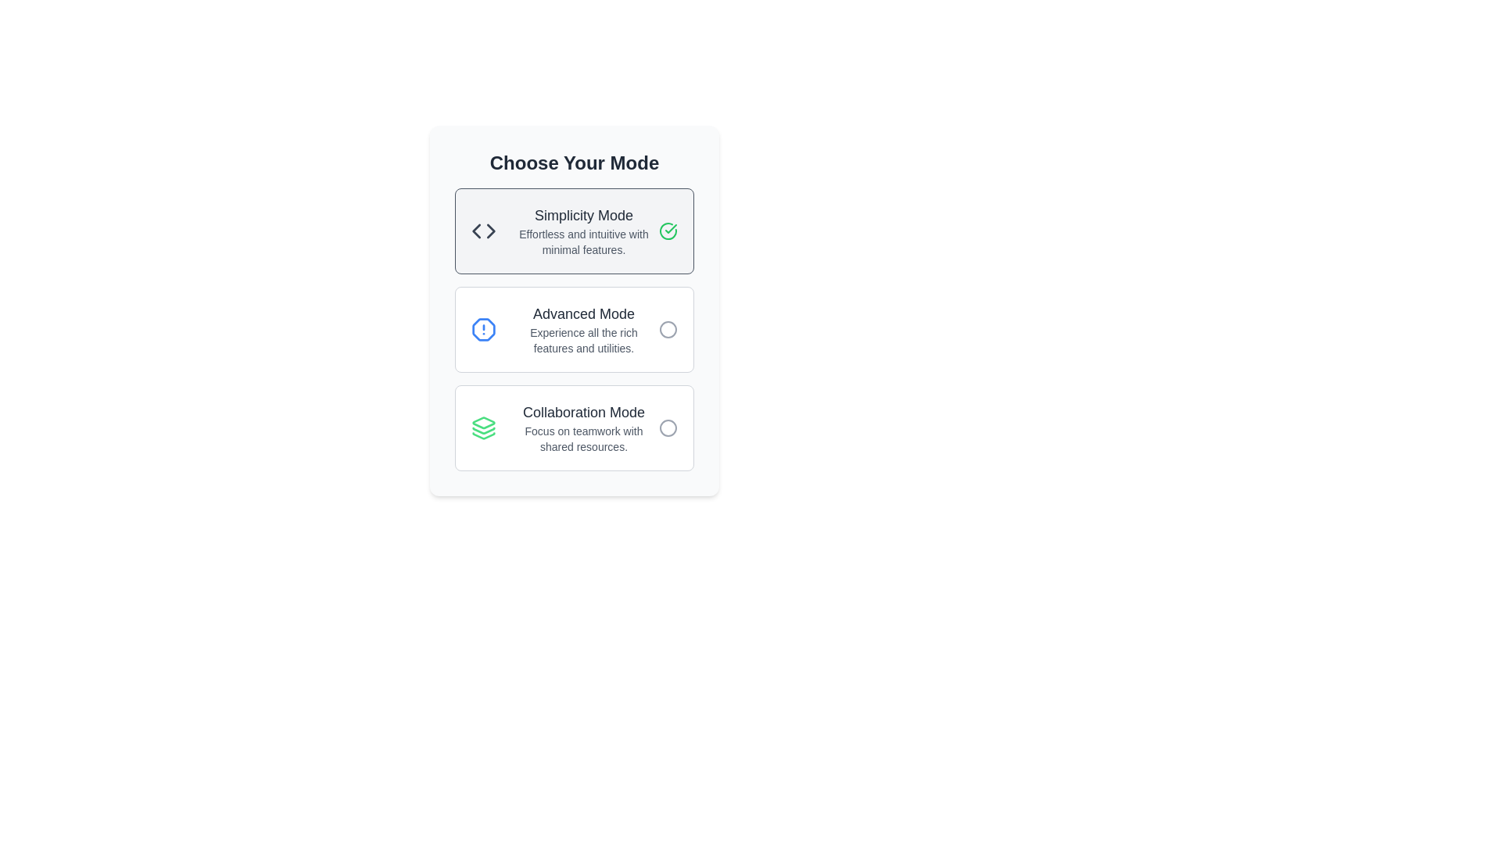  Describe the element at coordinates (483, 328) in the screenshot. I see `the cautionary icon representing the 'Advanced Mode' option, which is positioned at the top-left corner inside the second option labeled 'Advanced Mode' in the selectable list within the modal` at that location.